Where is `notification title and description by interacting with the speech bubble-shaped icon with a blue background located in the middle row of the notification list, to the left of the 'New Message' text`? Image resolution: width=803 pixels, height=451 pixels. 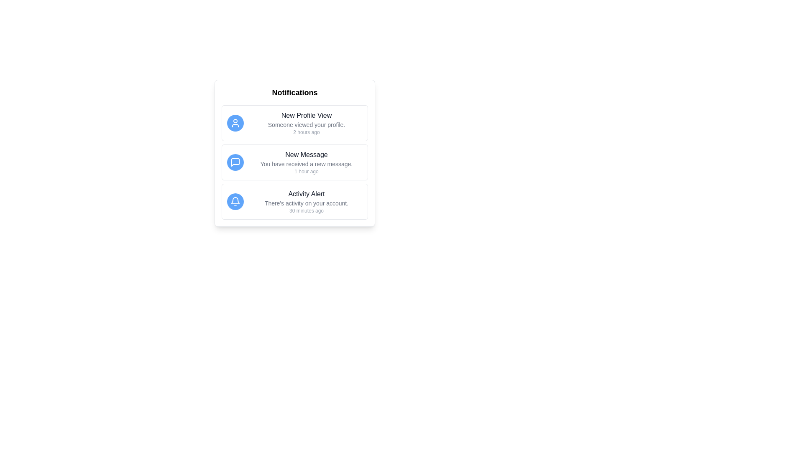 notification title and description by interacting with the speech bubble-shaped icon with a blue background located in the middle row of the notification list, to the left of the 'New Message' text is located at coordinates (235, 162).